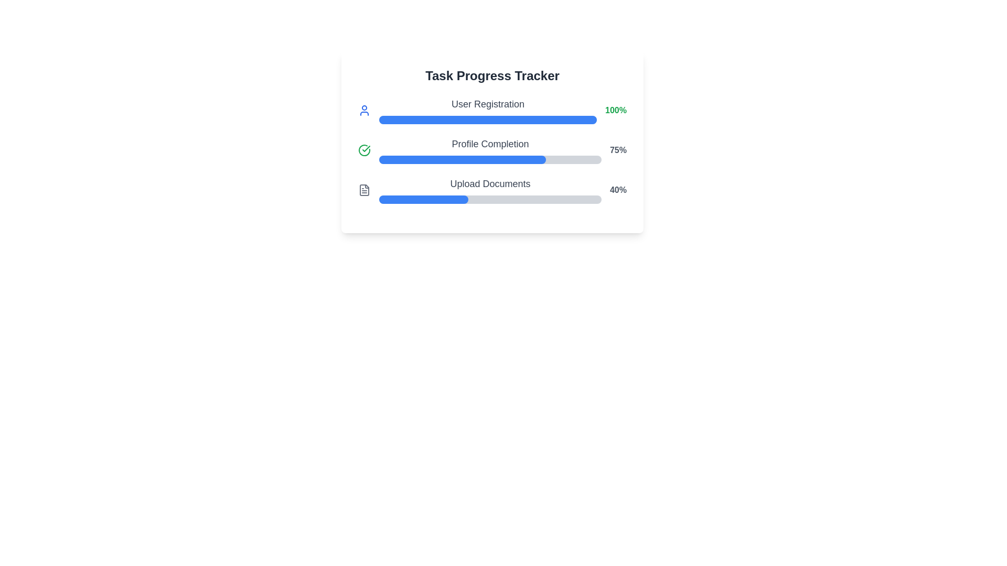 The image size is (1007, 566). I want to click on the icon representing the 'Upload Documents' task, located in the third row of the task tracker, adjacent to the progress bar, so click(365, 190).